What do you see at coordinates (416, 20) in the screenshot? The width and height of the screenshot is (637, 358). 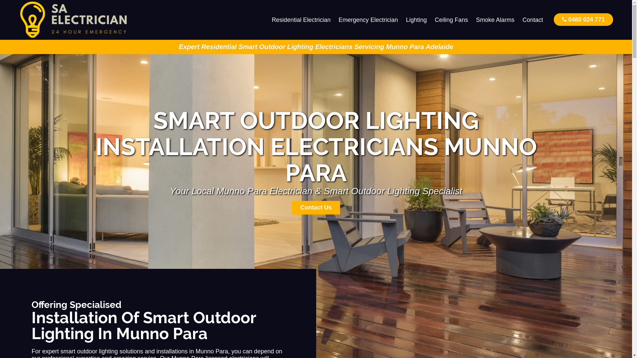 I see `'Lighting'` at bounding box center [416, 20].